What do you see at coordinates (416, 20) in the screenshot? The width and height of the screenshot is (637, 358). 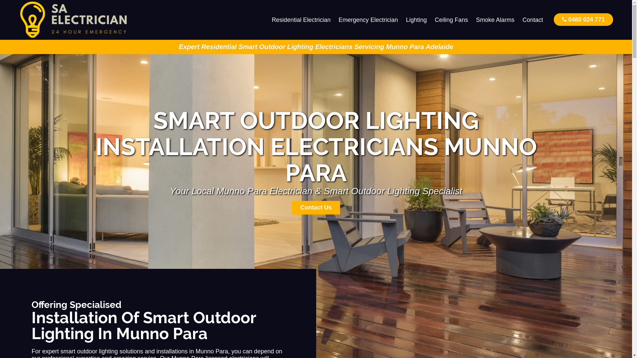 I see `'Lighting'` at bounding box center [416, 20].